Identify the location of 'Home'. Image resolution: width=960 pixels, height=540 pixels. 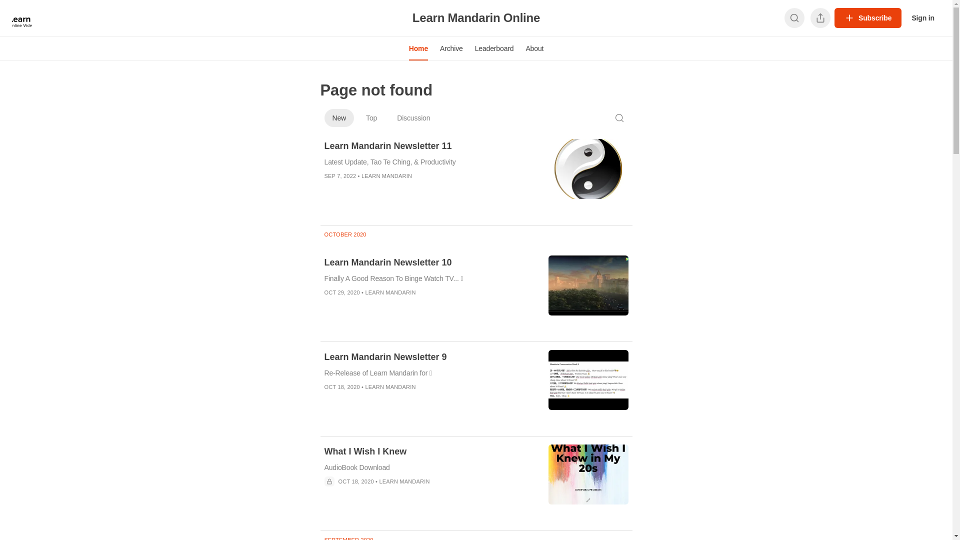
(418, 48).